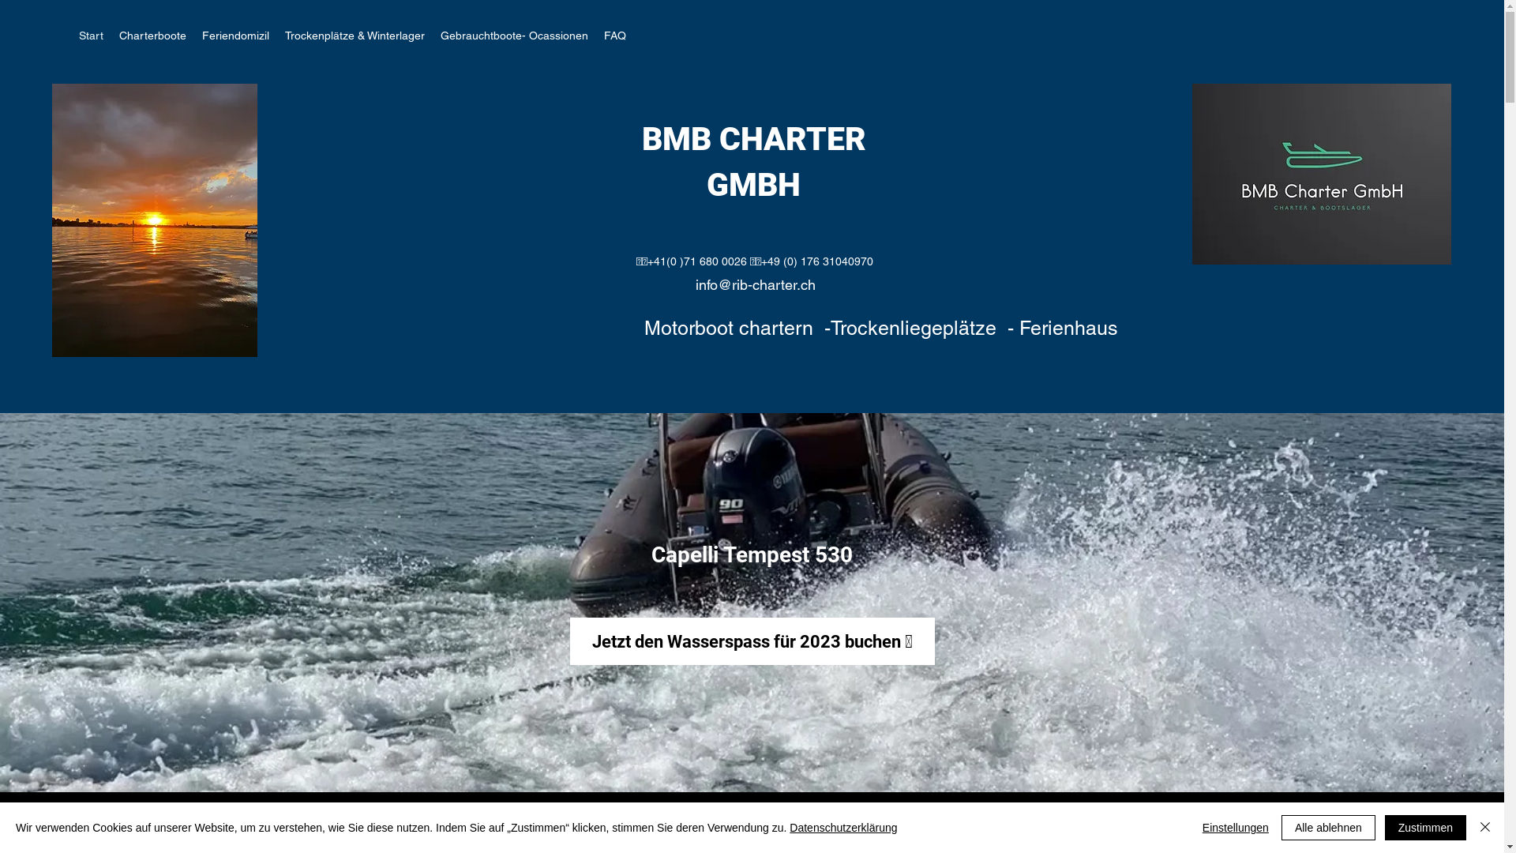 The height and width of the screenshot is (853, 1516). I want to click on 'FAQ', so click(595, 36).